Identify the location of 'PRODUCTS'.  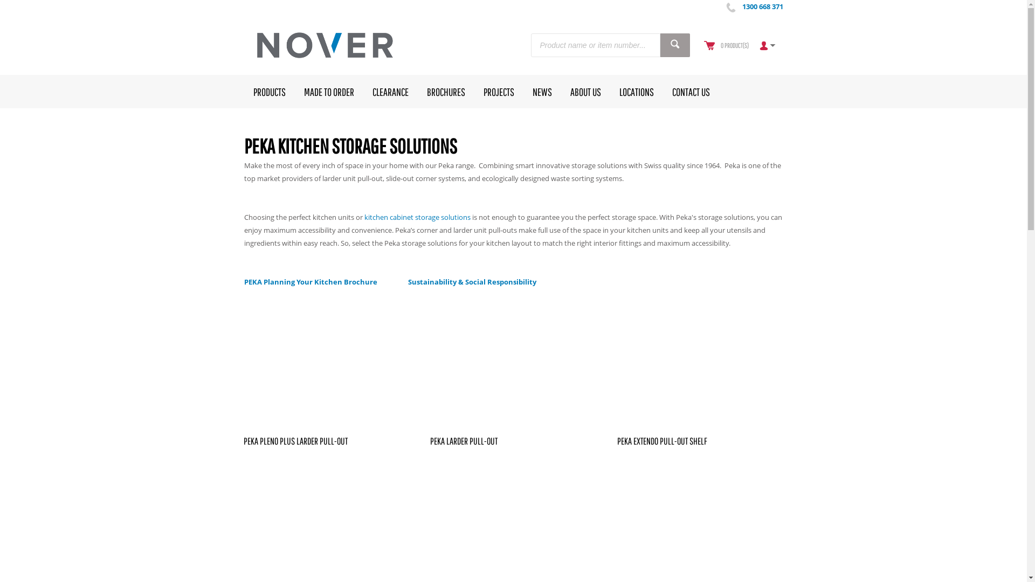
(269, 91).